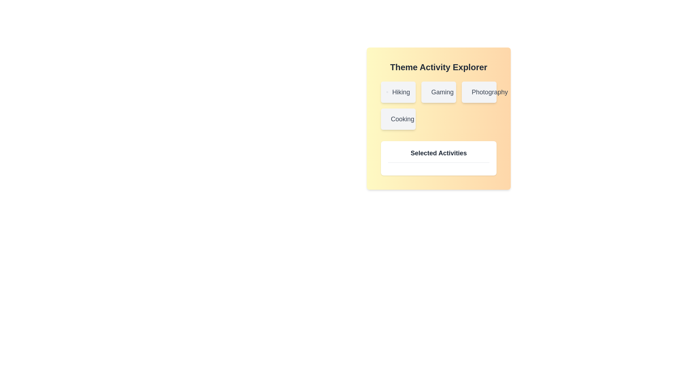 The width and height of the screenshot is (681, 383). Describe the element at coordinates (438, 105) in the screenshot. I see `a tile within the Grid Layout under the 'Theme Activity Explorer' heading` at that location.